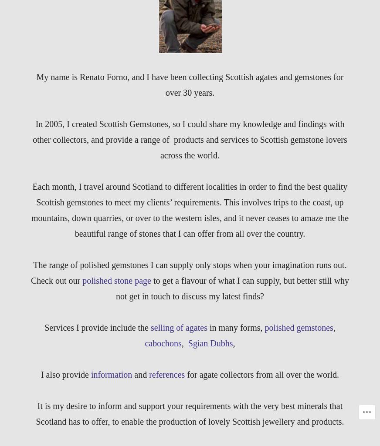  What do you see at coordinates (188, 272) in the screenshot?
I see `'The range of polished gemstones I can supply only stops when your imagination runs out. Check out our'` at bounding box center [188, 272].